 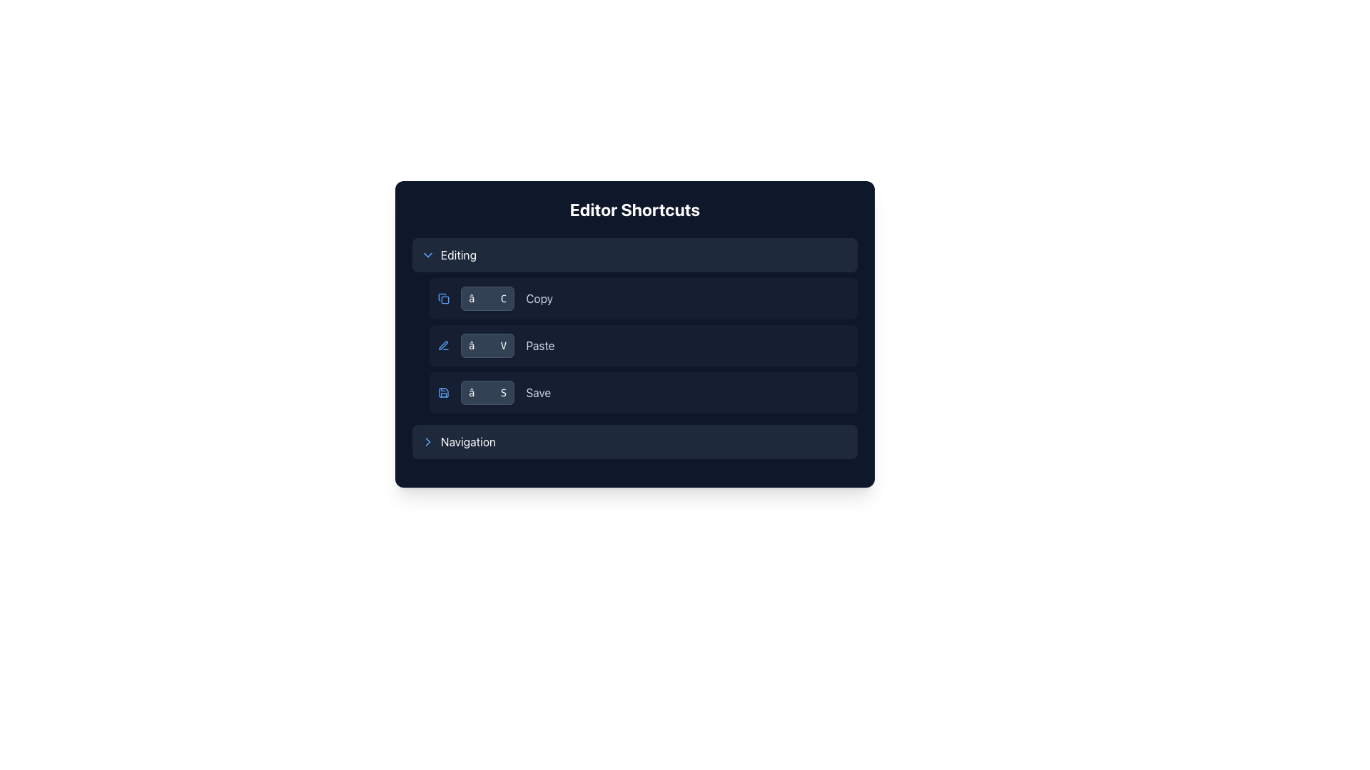 What do you see at coordinates (539, 298) in the screenshot?
I see `the 'Copy' text label displayed in light gray color against a dark background, located in the second row of the 'Editing' section of the 'Editor Shortcuts' interface` at bounding box center [539, 298].